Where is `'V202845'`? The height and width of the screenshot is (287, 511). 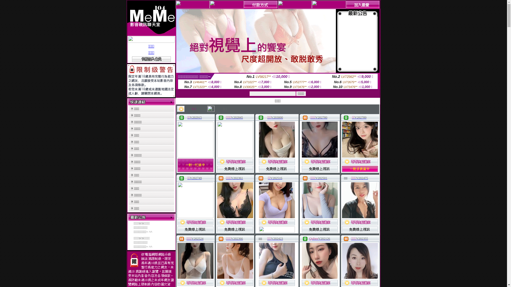 'V202845' is located at coordinates (231, 117).